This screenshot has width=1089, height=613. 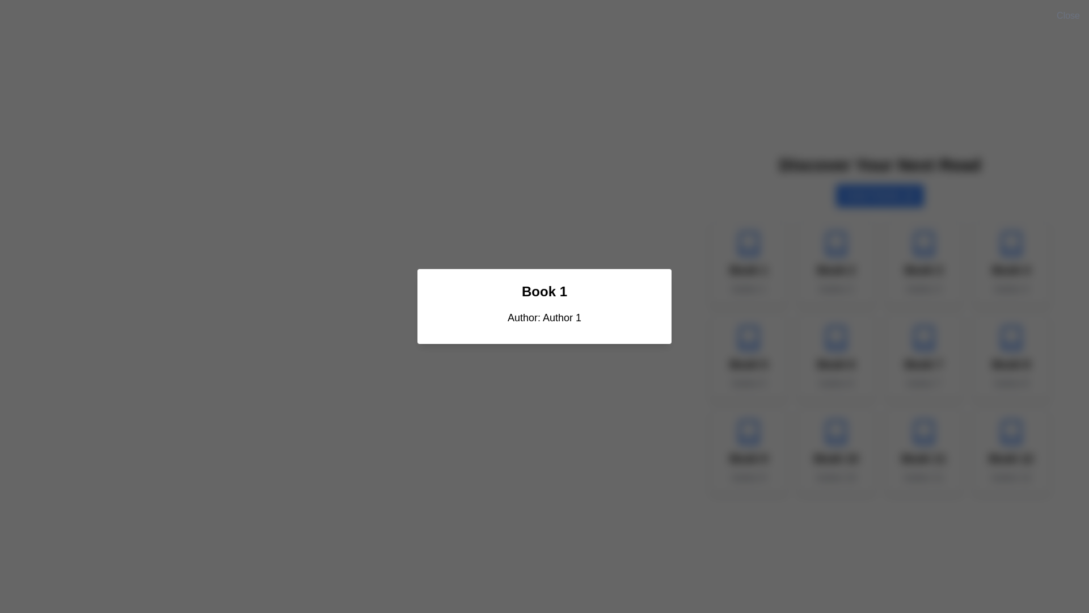 I want to click on the text label that displays the author information for 'Book 8', located below the 'Book 8' title text in the bottom-right corner of the grid layout, so click(x=1011, y=383).